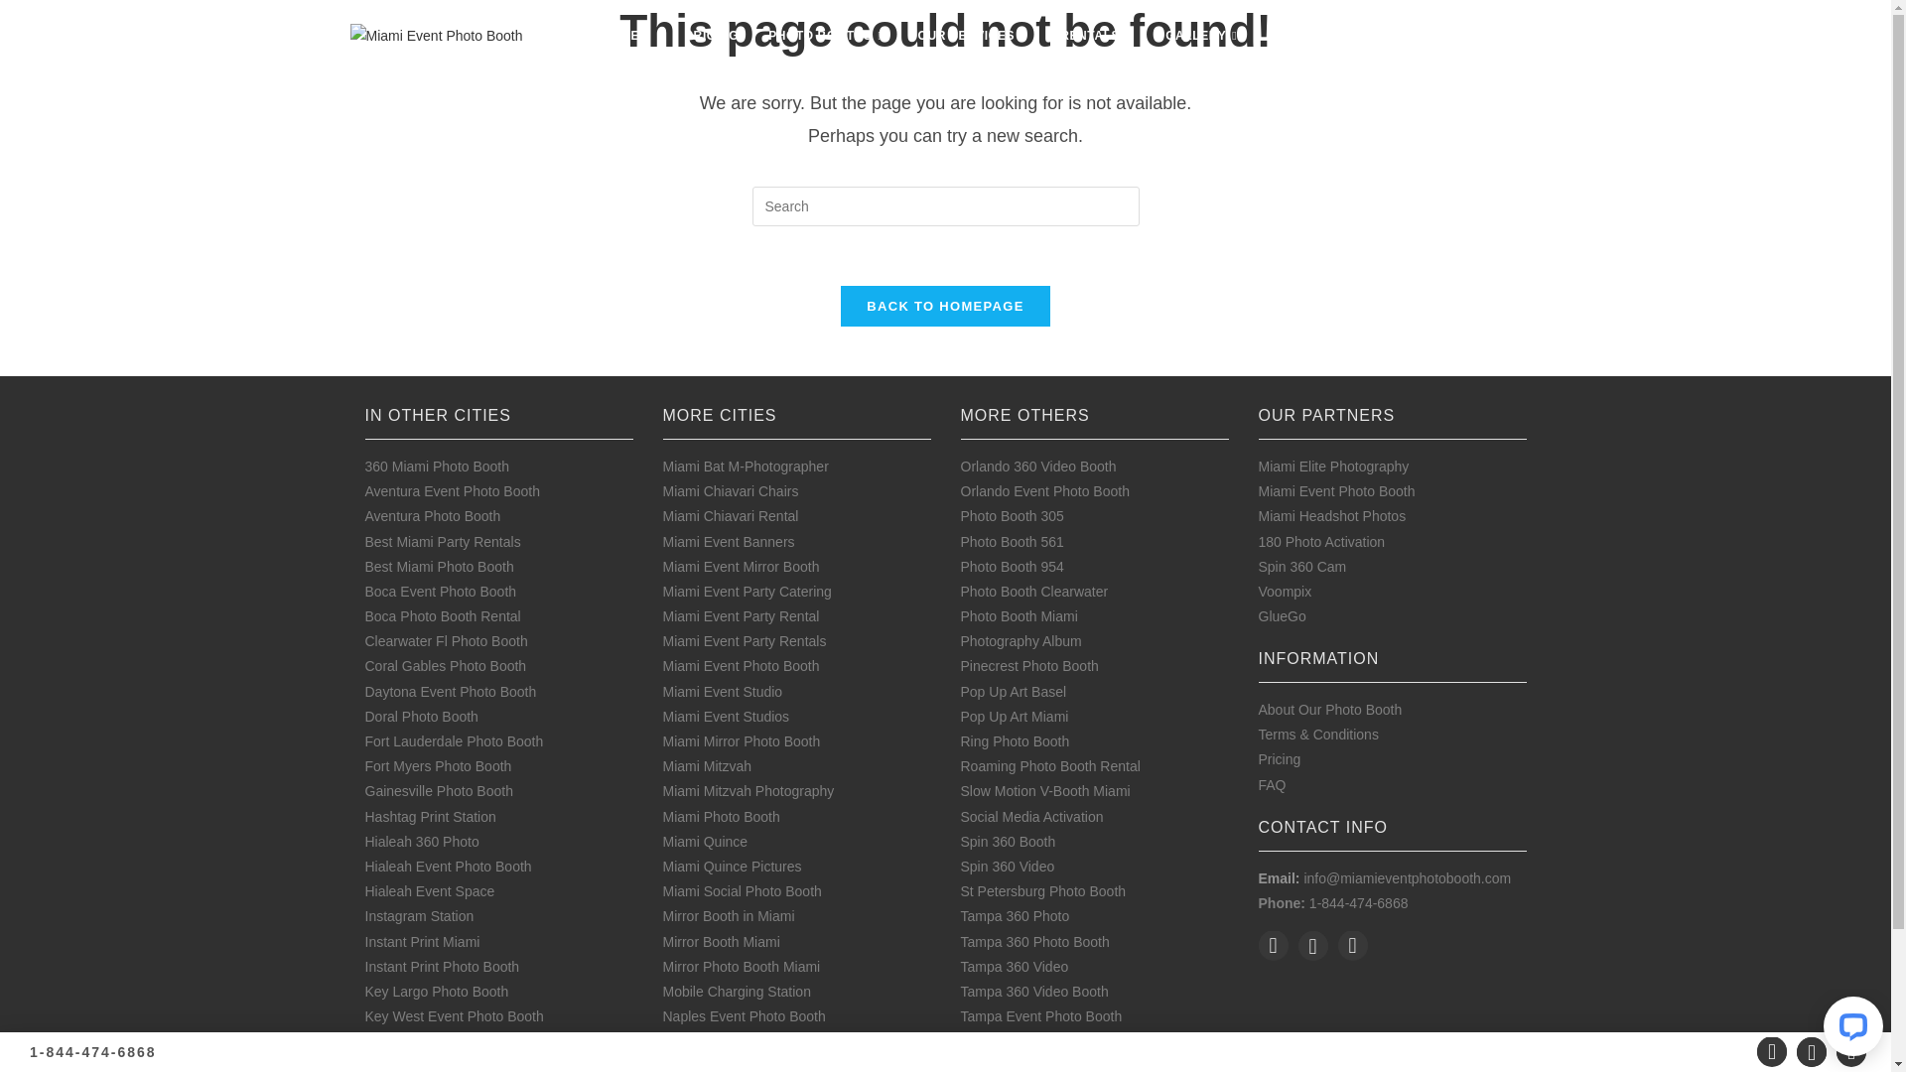 The image size is (1906, 1072). I want to click on 'Boca Photo Booth Rental', so click(442, 615).